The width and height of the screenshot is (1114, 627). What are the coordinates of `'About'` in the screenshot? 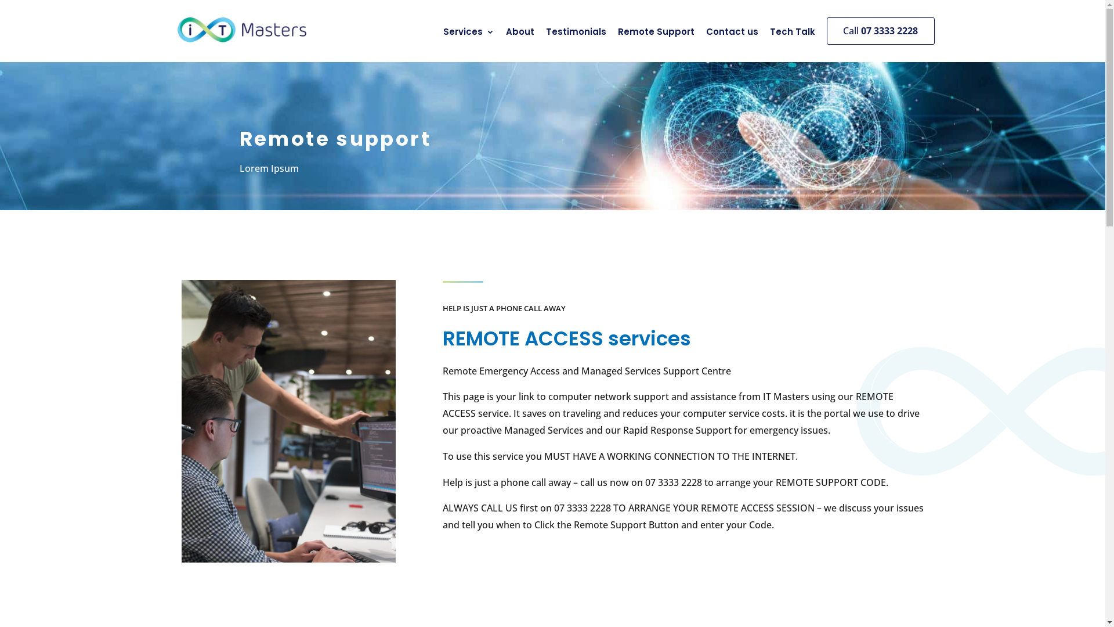 It's located at (498, 33).